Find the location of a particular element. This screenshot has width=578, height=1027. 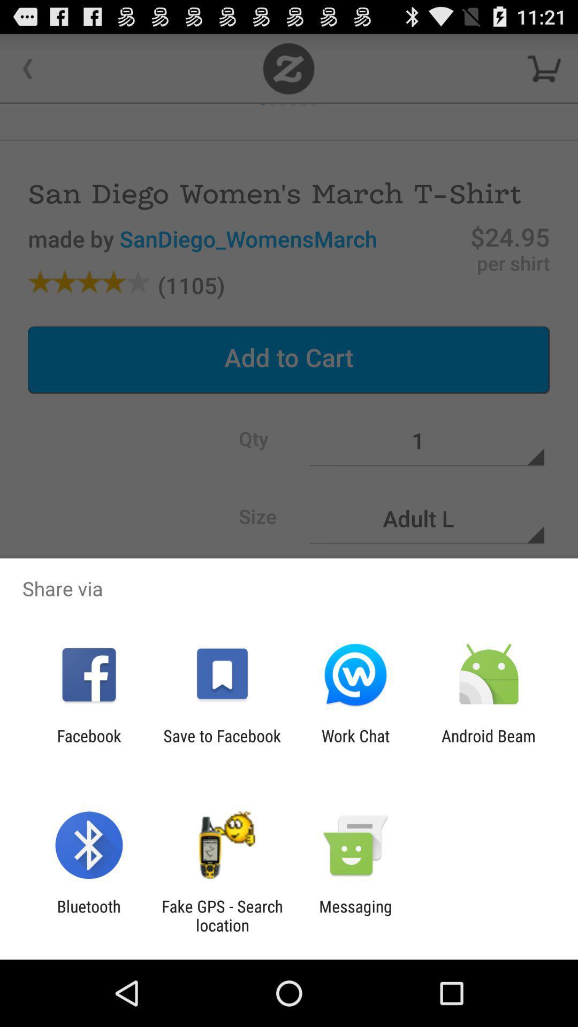

messaging app is located at coordinates (355, 915).